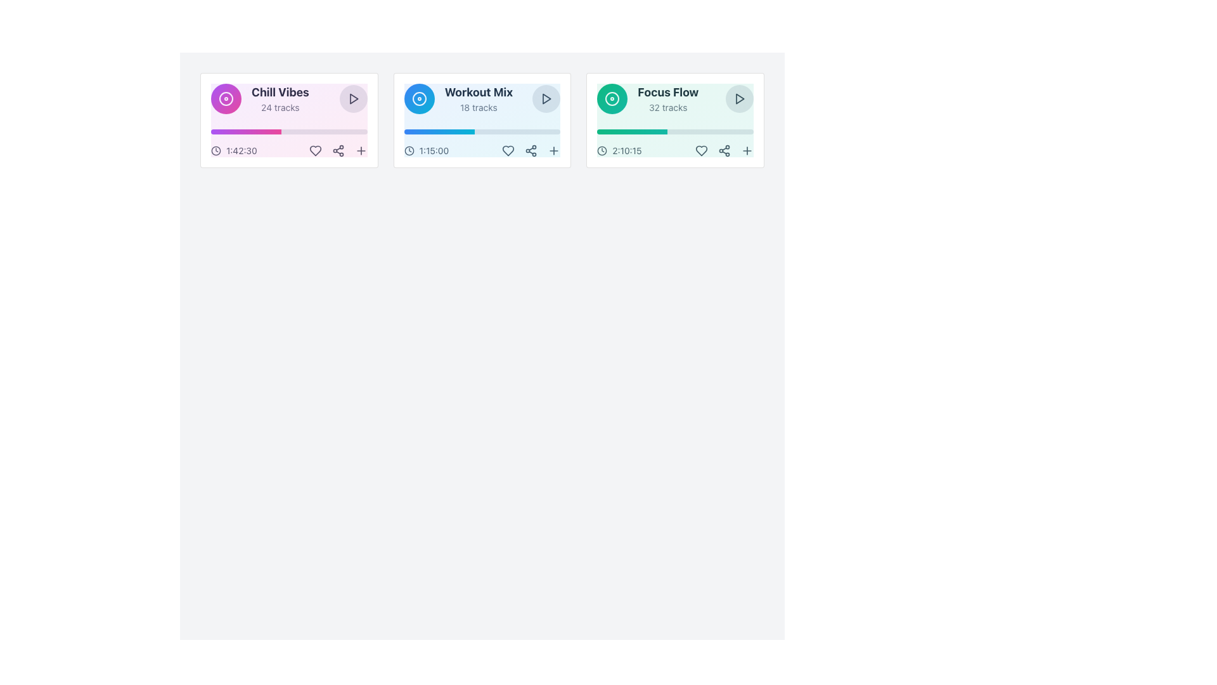 This screenshot has height=685, width=1217. Describe the element at coordinates (724, 150) in the screenshot. I see `the group of interactive icons located at the bottom-right corner of the Focus Flow card, specifically the third set of icons visible in this row, to navigate through the individual icons` at that location.